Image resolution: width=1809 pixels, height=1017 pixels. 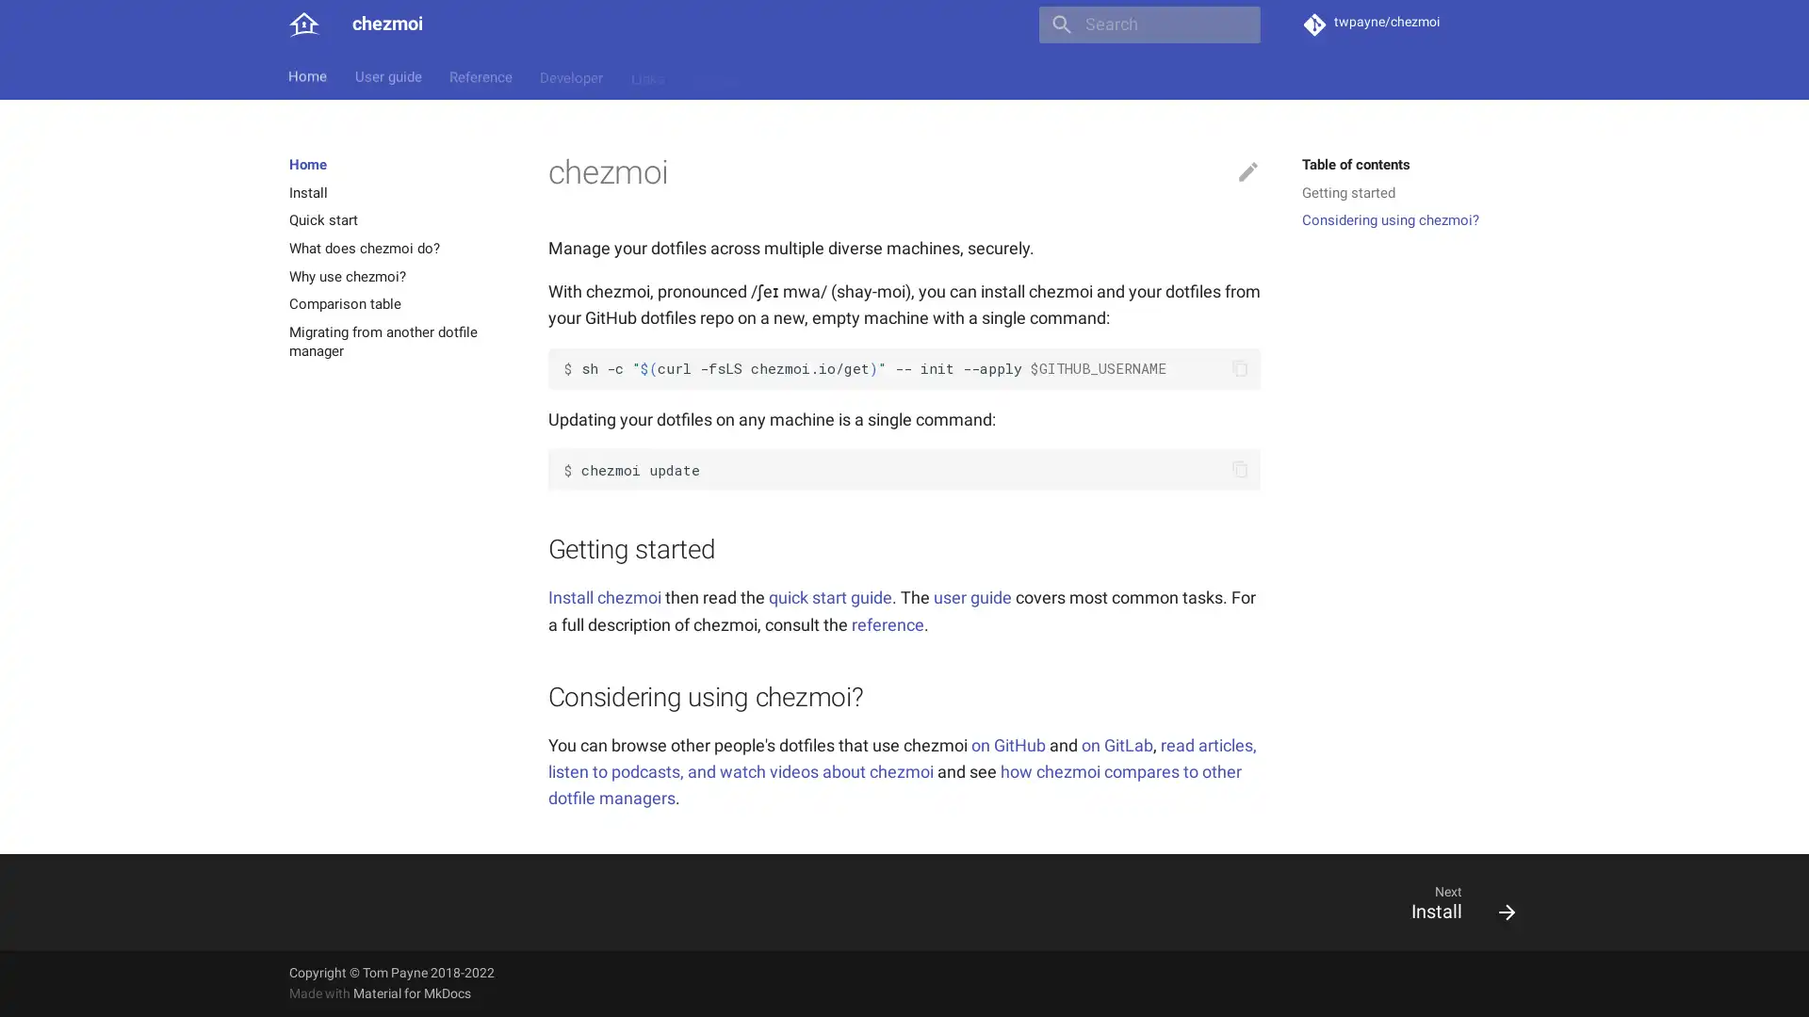 I want to click on Copy to clipboard, so click(x=1239, y=468).